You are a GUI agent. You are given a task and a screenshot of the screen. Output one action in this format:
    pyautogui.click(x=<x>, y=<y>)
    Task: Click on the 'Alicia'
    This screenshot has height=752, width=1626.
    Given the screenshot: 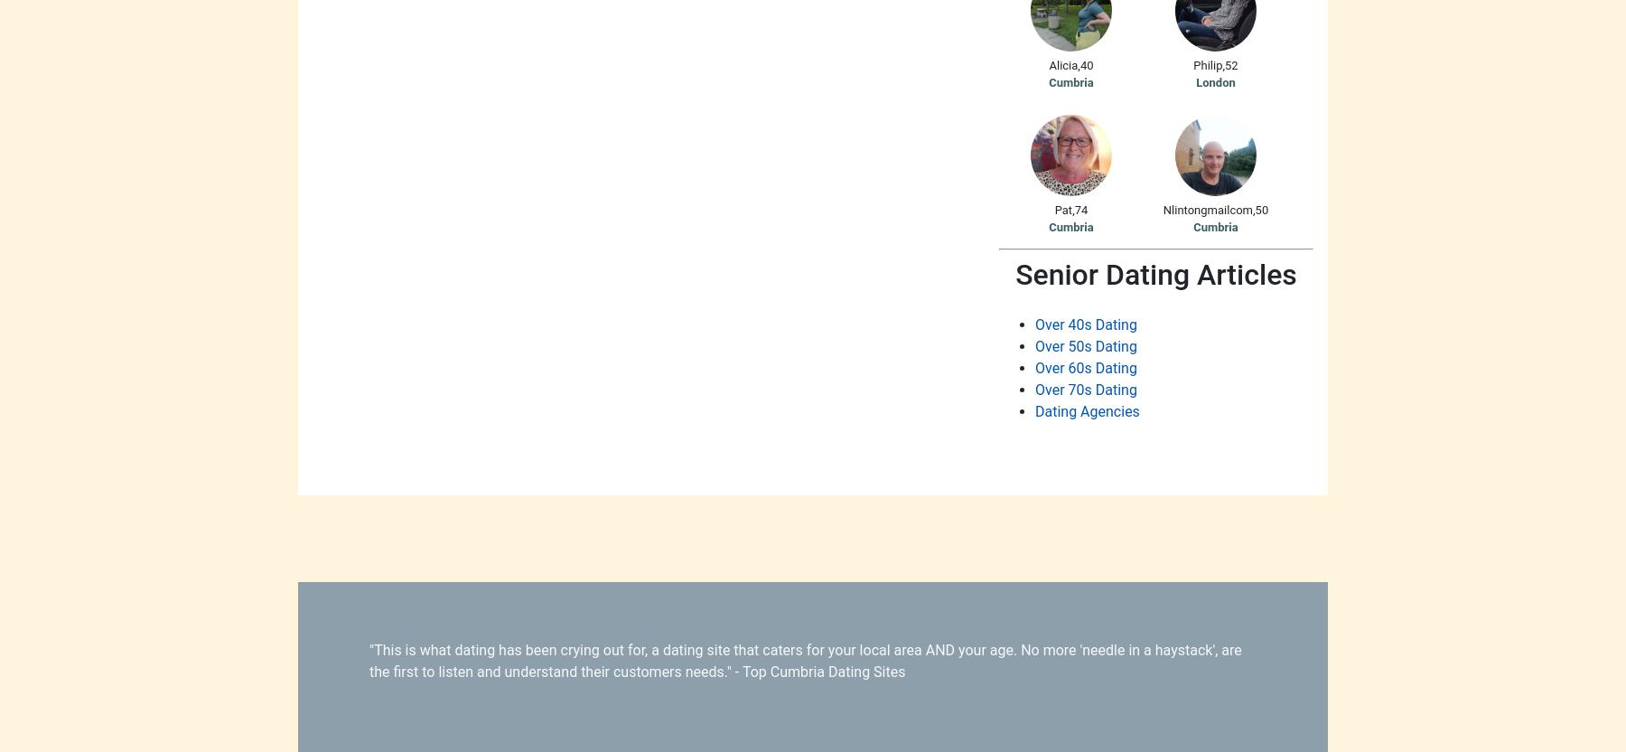 What is the action you would take?
    pyautogui.click(x=1048, y=63)
    